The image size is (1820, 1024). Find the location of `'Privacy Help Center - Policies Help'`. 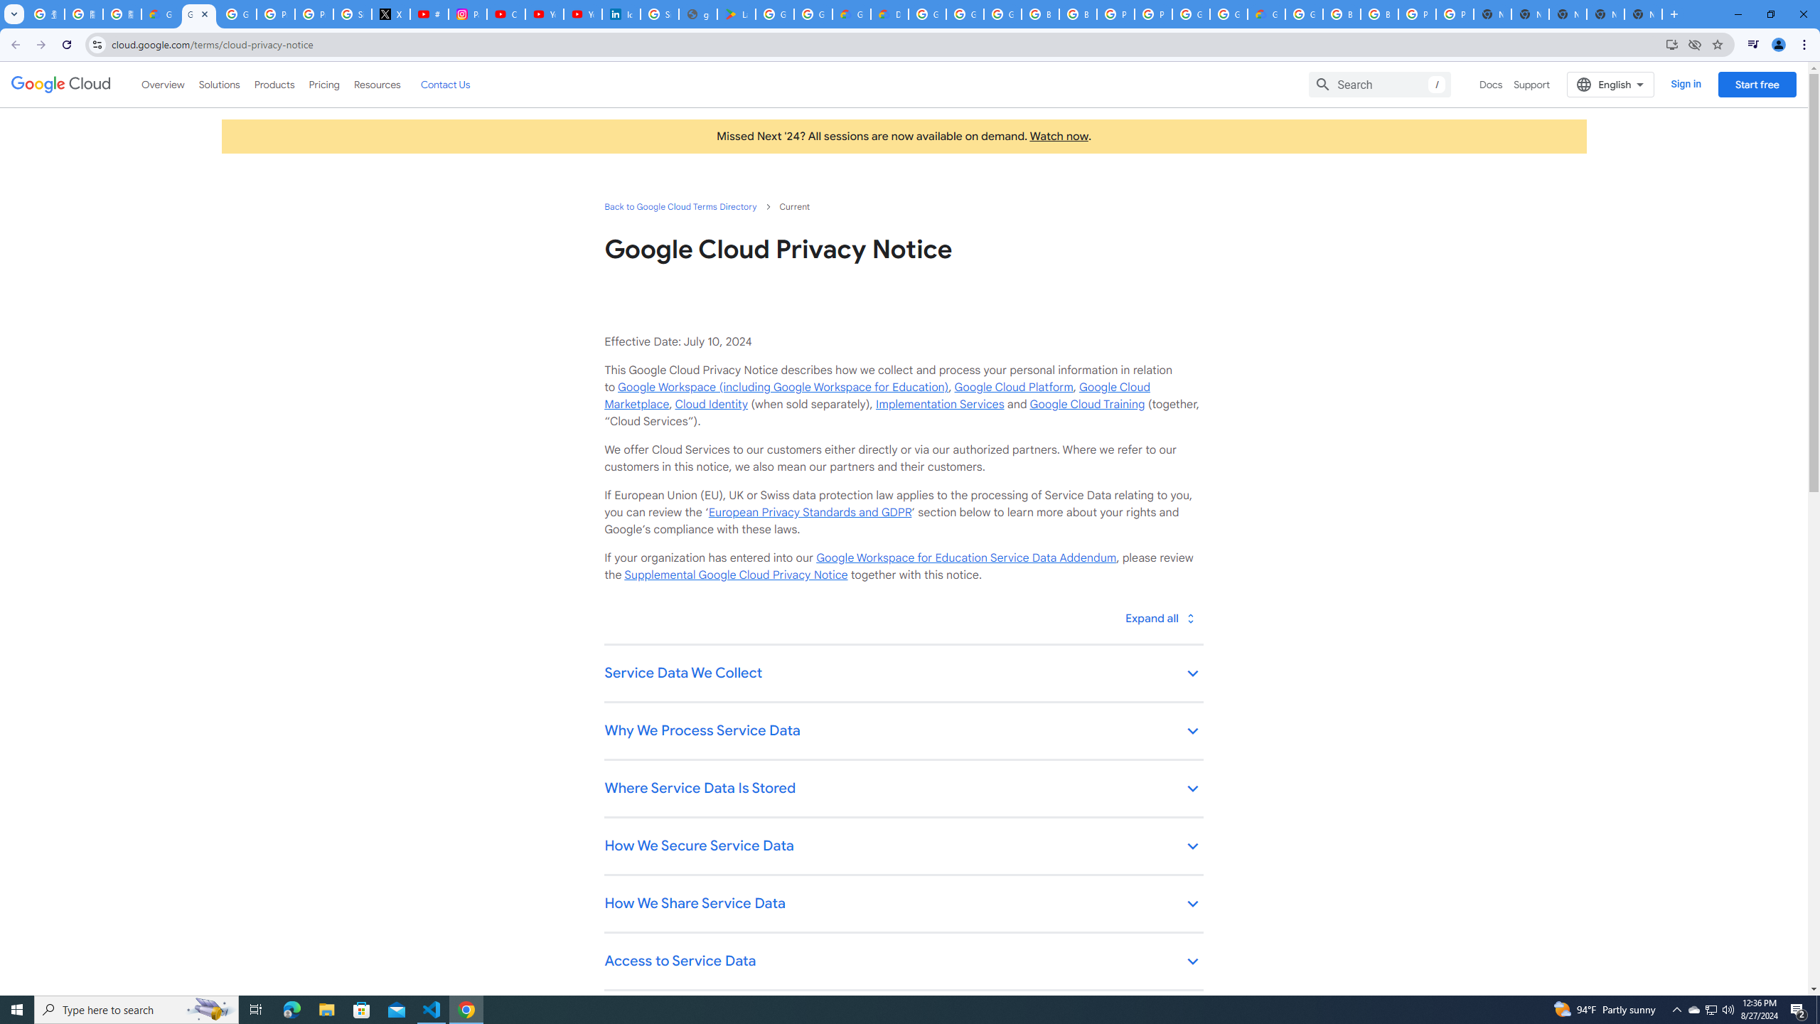

'Privacy Help Center - Policies Help' is located at coordinates (276, 14).